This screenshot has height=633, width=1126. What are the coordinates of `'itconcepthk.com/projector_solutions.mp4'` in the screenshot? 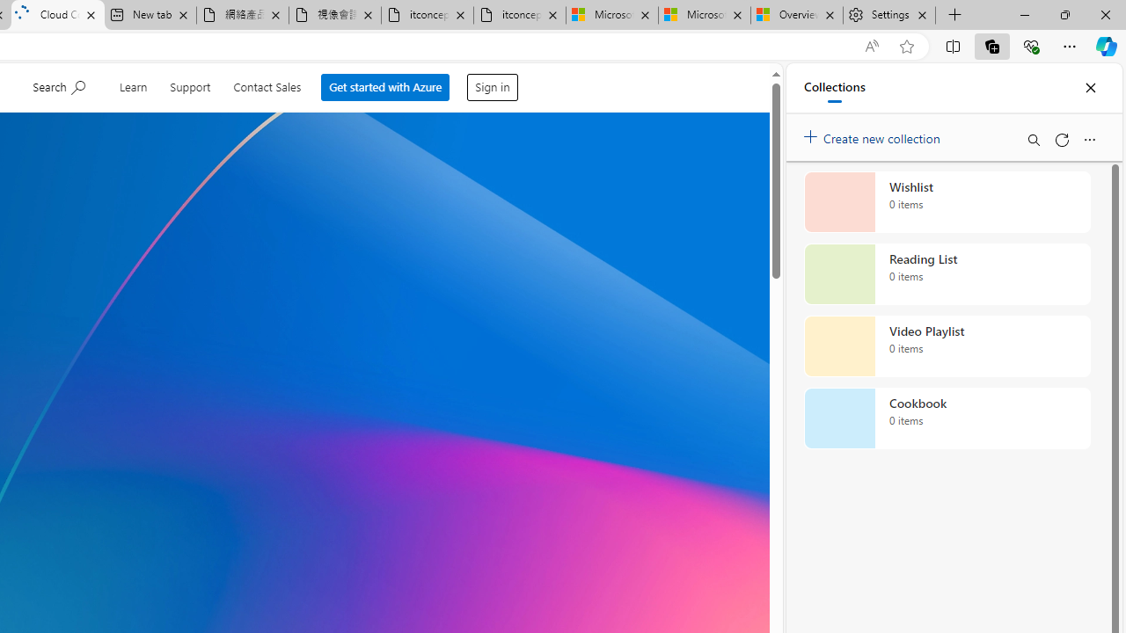 It's located at (518, 15).